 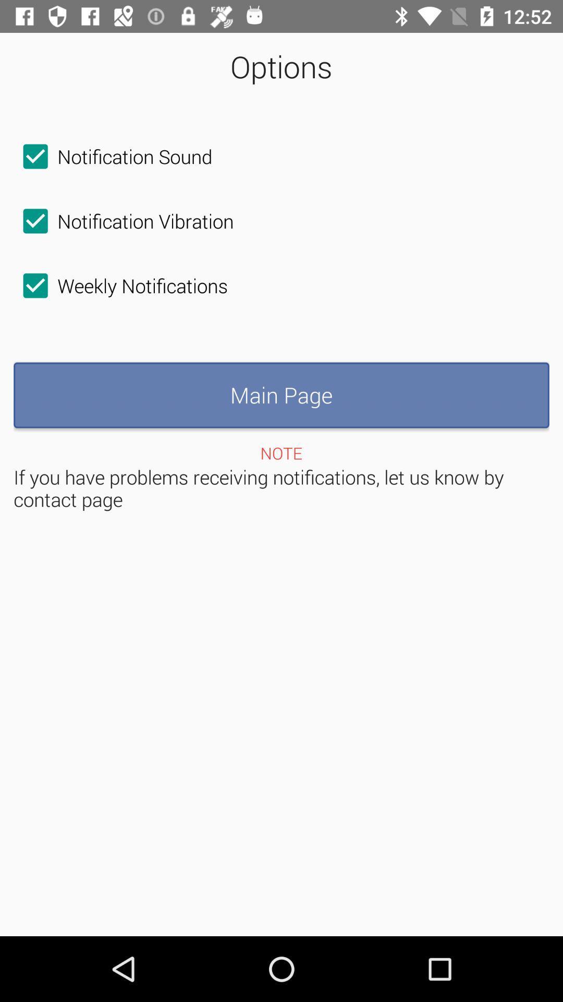 I want to click on icon below weekly notifications, so click(x=281, y=395).